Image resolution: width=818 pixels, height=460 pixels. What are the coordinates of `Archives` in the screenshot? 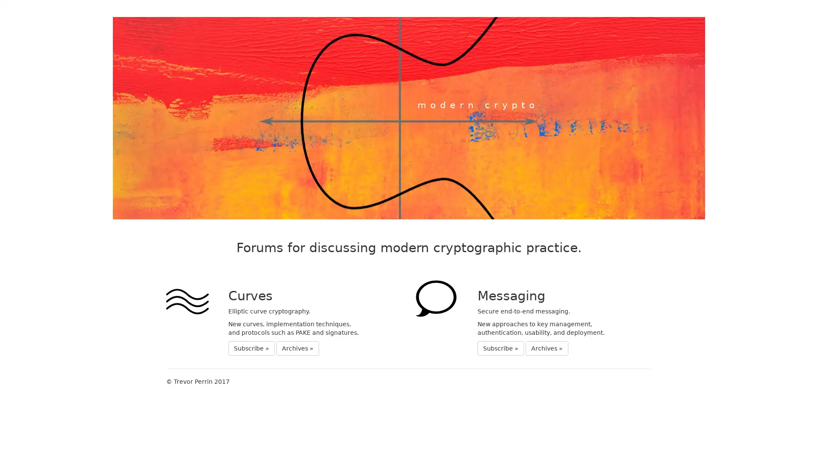 It's located at (547, 348).